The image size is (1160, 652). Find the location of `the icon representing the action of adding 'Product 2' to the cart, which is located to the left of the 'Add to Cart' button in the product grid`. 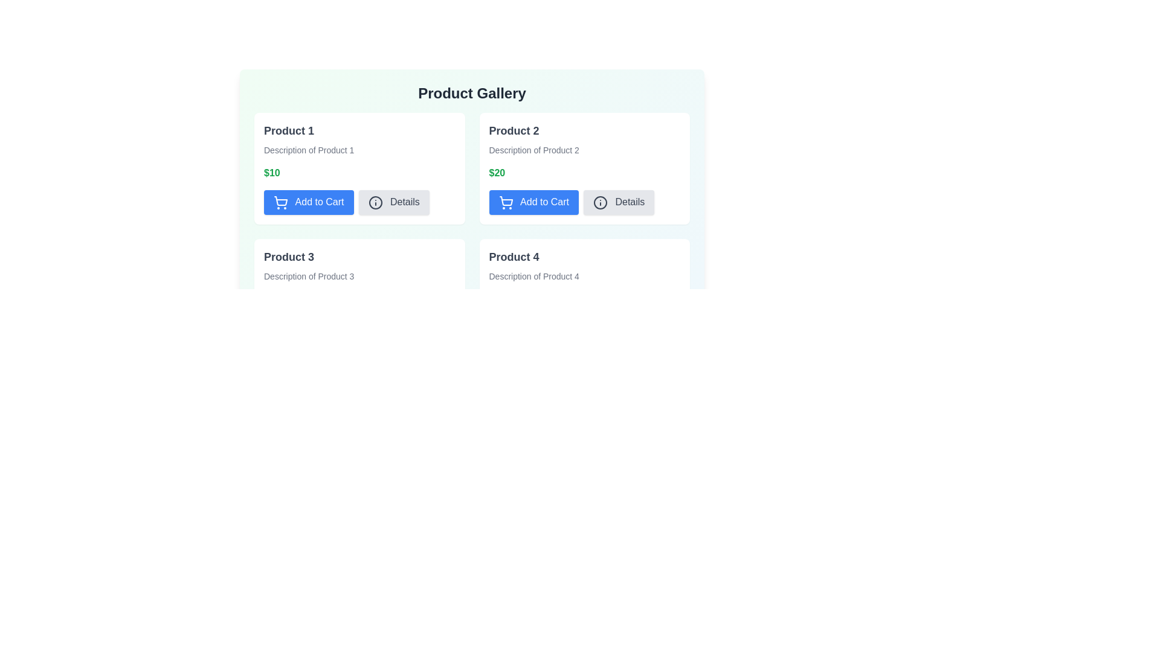

the icon representing the action of adding 'Product 2' to the cart, which is located to the left of the 'Add to Cart' button in the product grid is located at coordinates (506, 202).